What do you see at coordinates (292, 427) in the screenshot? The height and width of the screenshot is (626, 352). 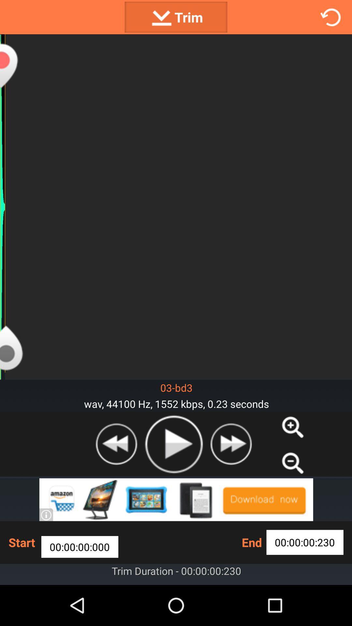 I see `zoom in icon` at bounding box center [292, 427].